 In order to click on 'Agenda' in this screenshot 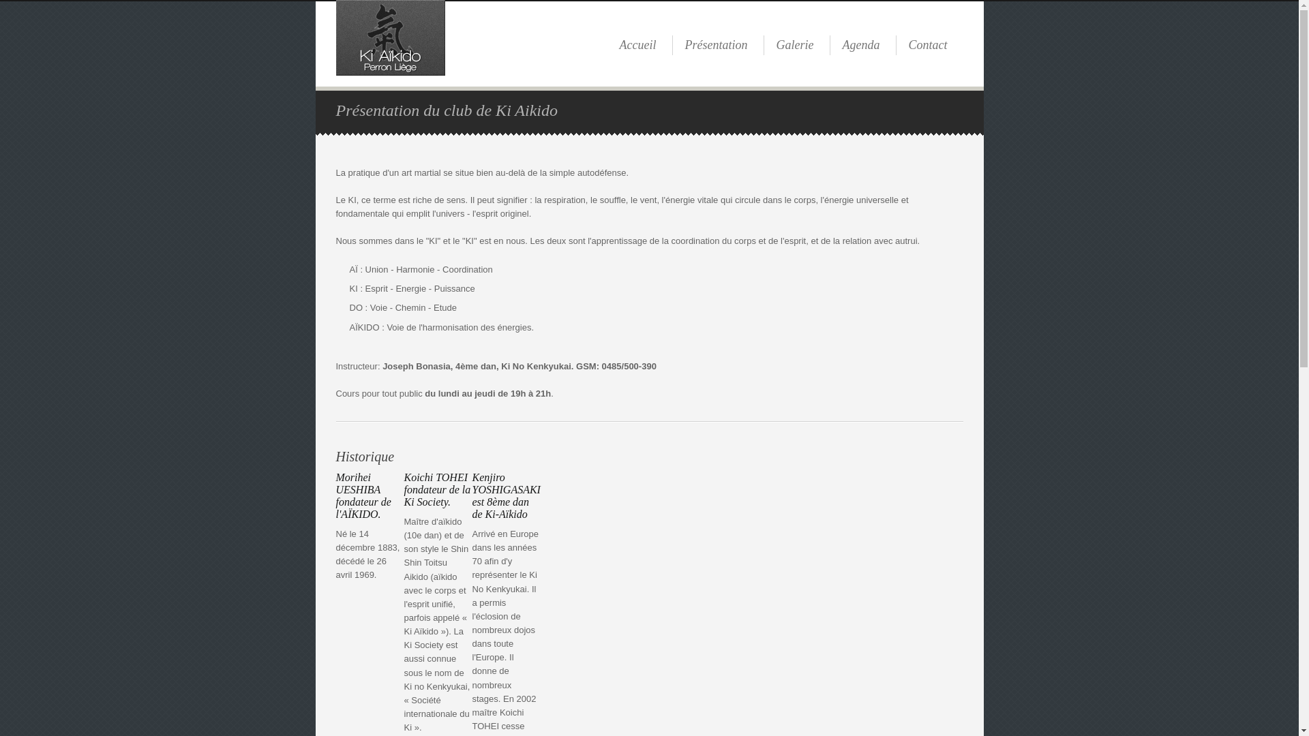, I will do `click(860, 44)`.